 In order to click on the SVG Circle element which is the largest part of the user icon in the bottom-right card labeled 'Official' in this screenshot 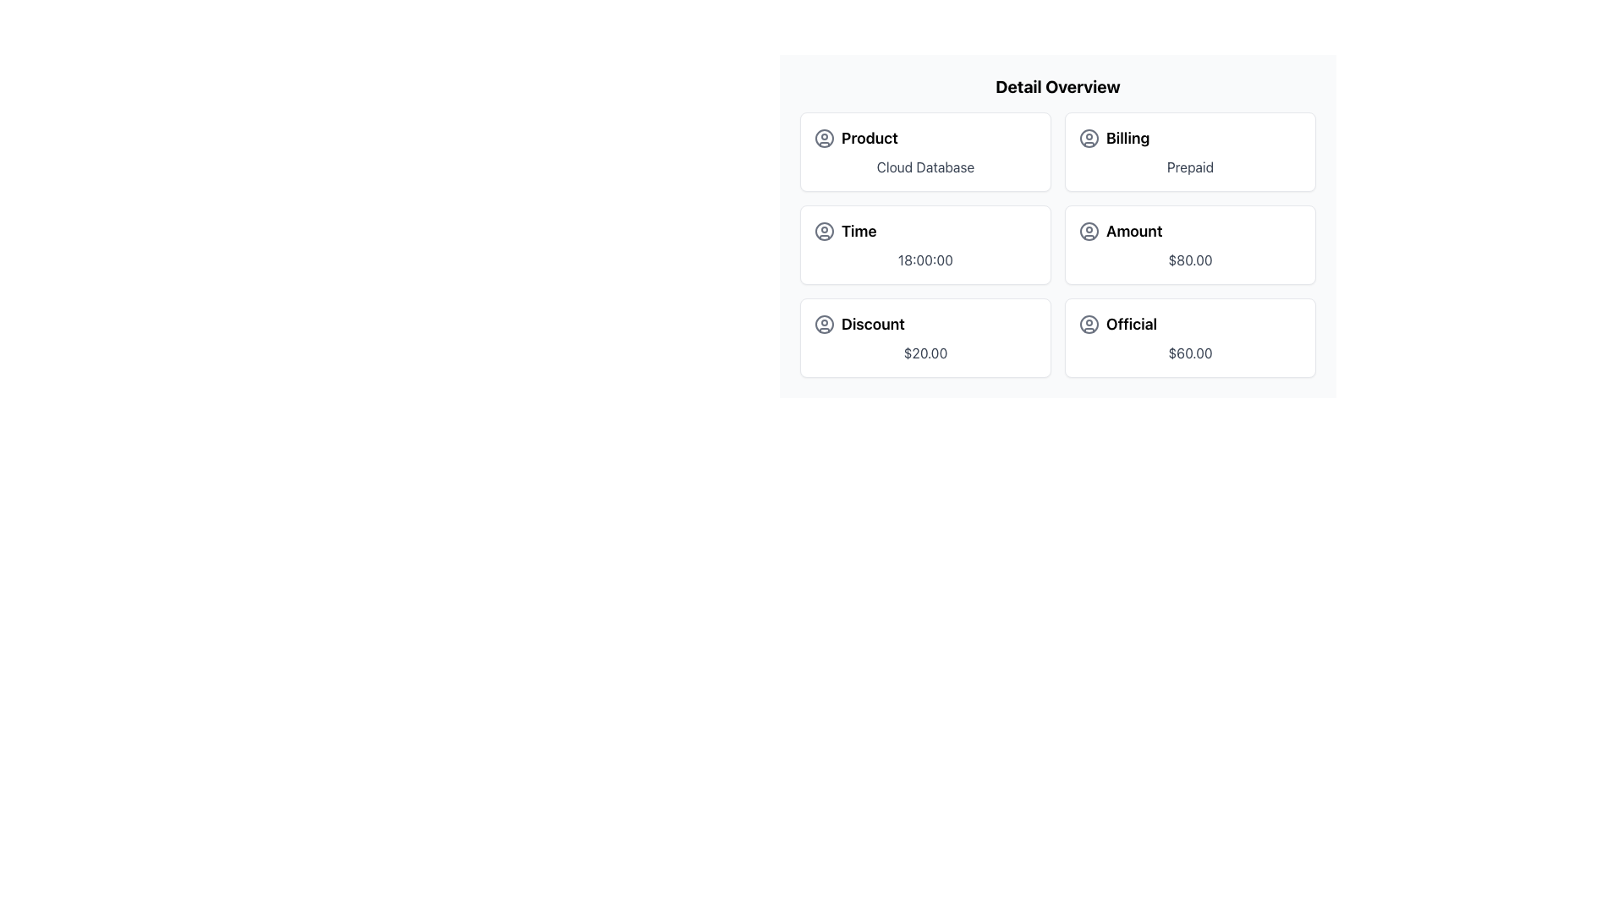, I will do `click(1089, 325)`.